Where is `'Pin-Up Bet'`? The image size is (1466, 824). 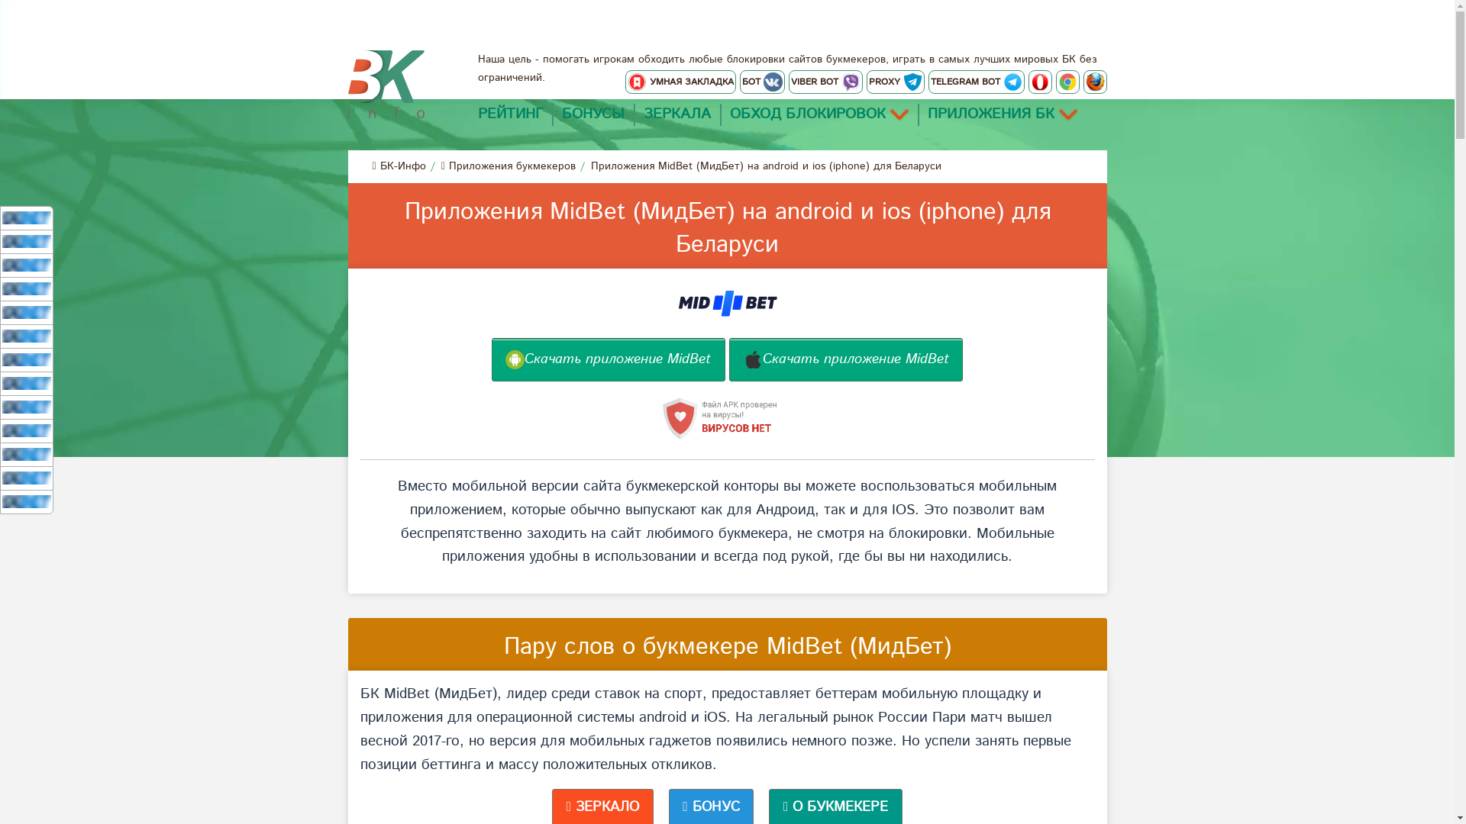 'Pin-Up Bet' is located at coordinates (26, 430).